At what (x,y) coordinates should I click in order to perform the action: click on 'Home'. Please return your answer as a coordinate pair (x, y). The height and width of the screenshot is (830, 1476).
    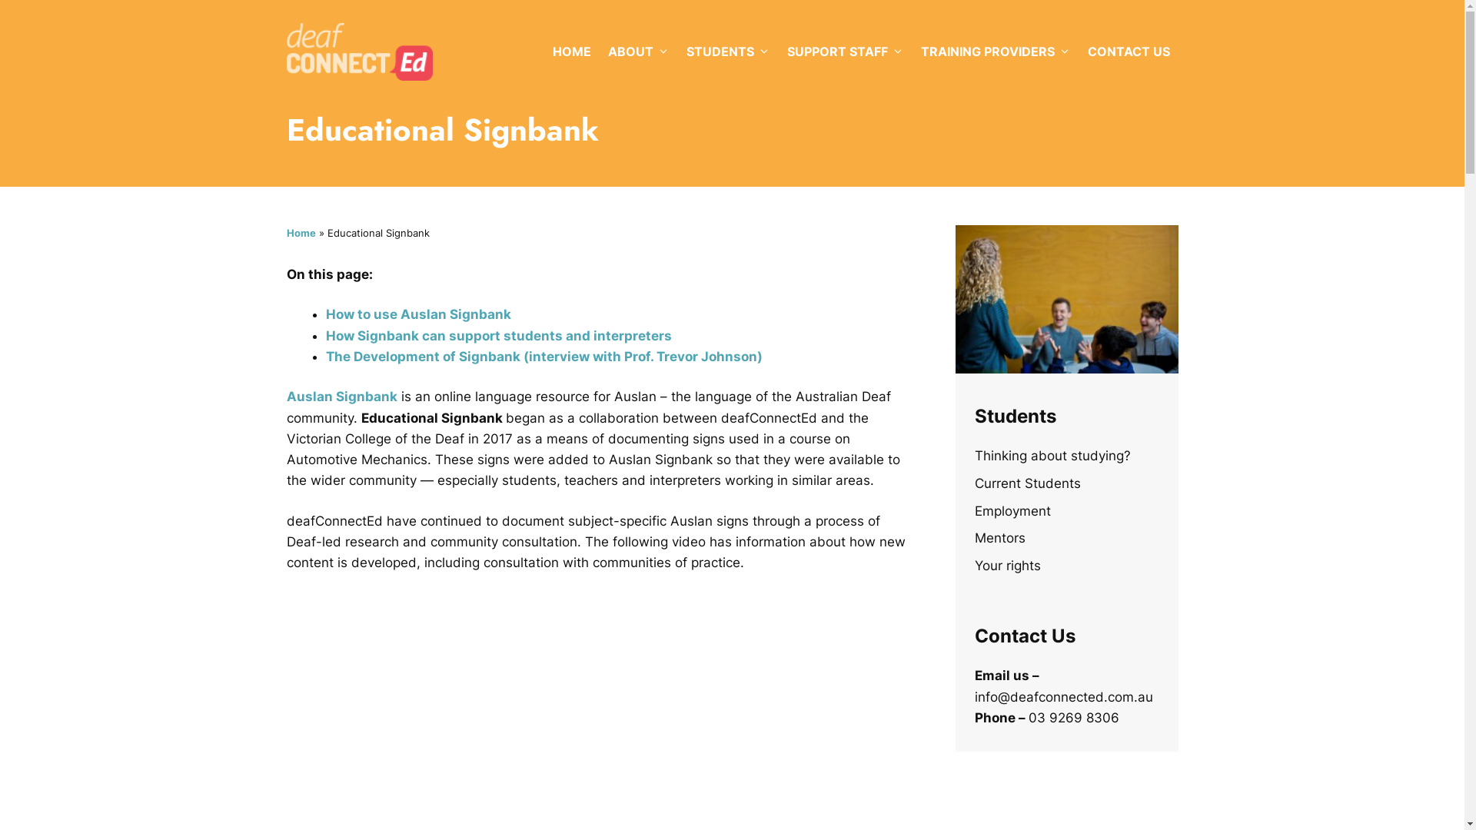
    Looking at the image, I should click on (300, 233).